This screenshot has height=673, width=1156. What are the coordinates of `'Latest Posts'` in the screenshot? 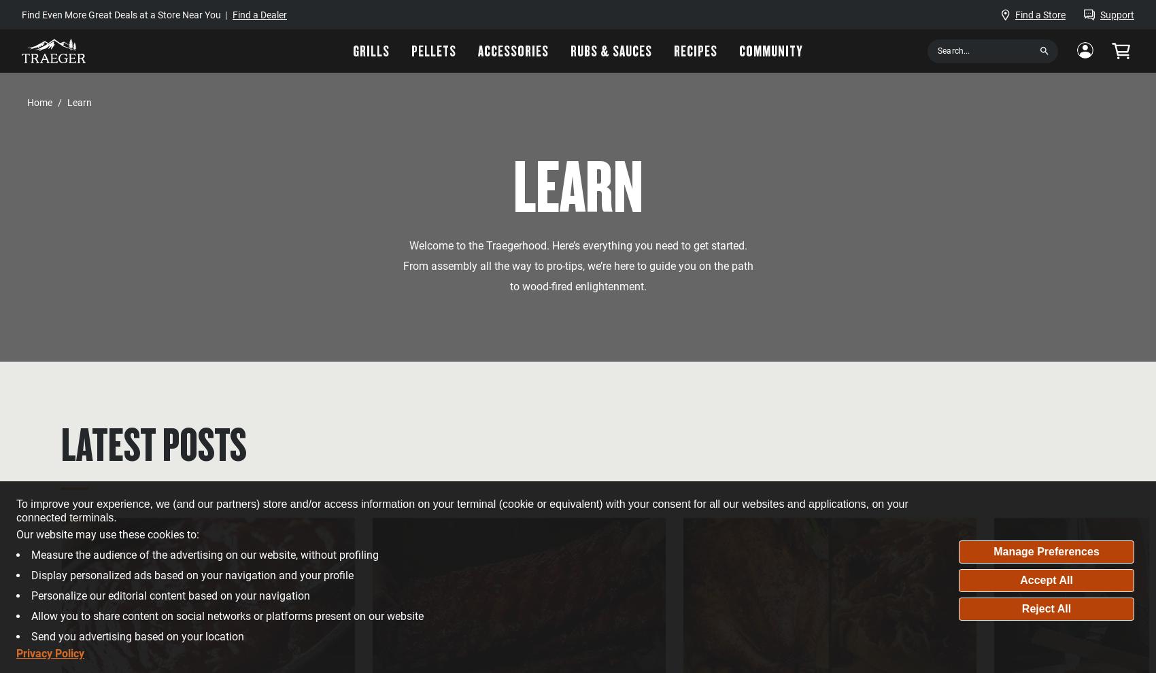 It's located at (154, 443).